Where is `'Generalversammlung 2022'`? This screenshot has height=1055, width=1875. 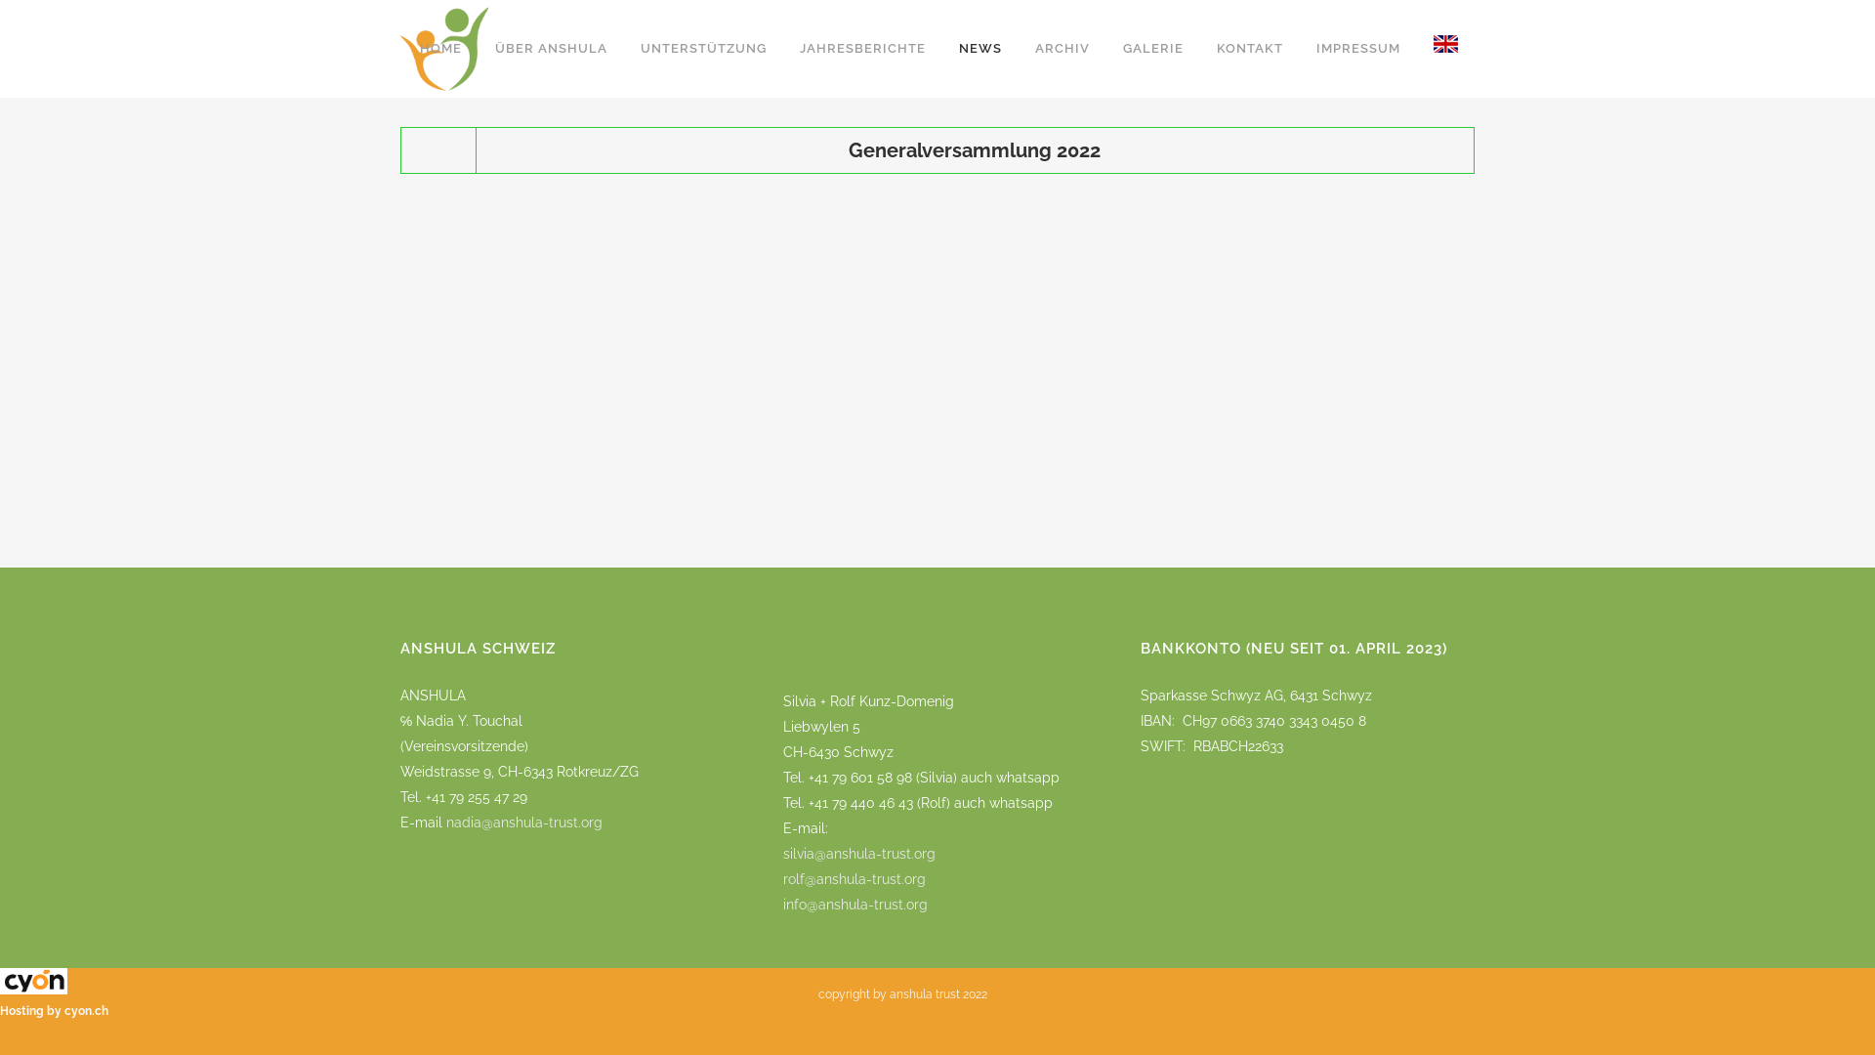
'Generalversammlung 2022' is located at coordinates (975, 149).